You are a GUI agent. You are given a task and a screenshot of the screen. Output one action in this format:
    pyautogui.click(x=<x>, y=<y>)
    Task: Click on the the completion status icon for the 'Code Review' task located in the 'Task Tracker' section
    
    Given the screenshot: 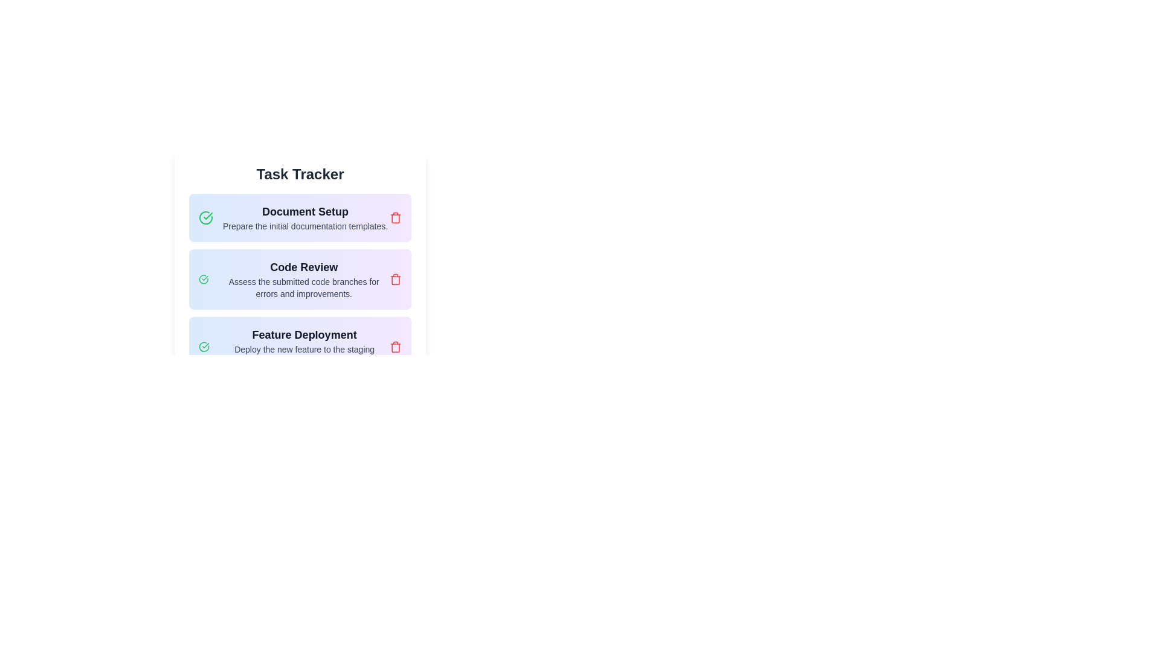 What is the action you would take?
    pyautogui.click(x=204, y=279)
    